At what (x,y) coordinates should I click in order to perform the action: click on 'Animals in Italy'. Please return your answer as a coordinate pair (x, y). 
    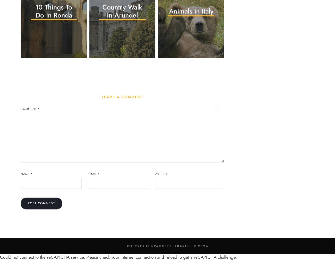
    Looking at the image, I should click on (191, 11).